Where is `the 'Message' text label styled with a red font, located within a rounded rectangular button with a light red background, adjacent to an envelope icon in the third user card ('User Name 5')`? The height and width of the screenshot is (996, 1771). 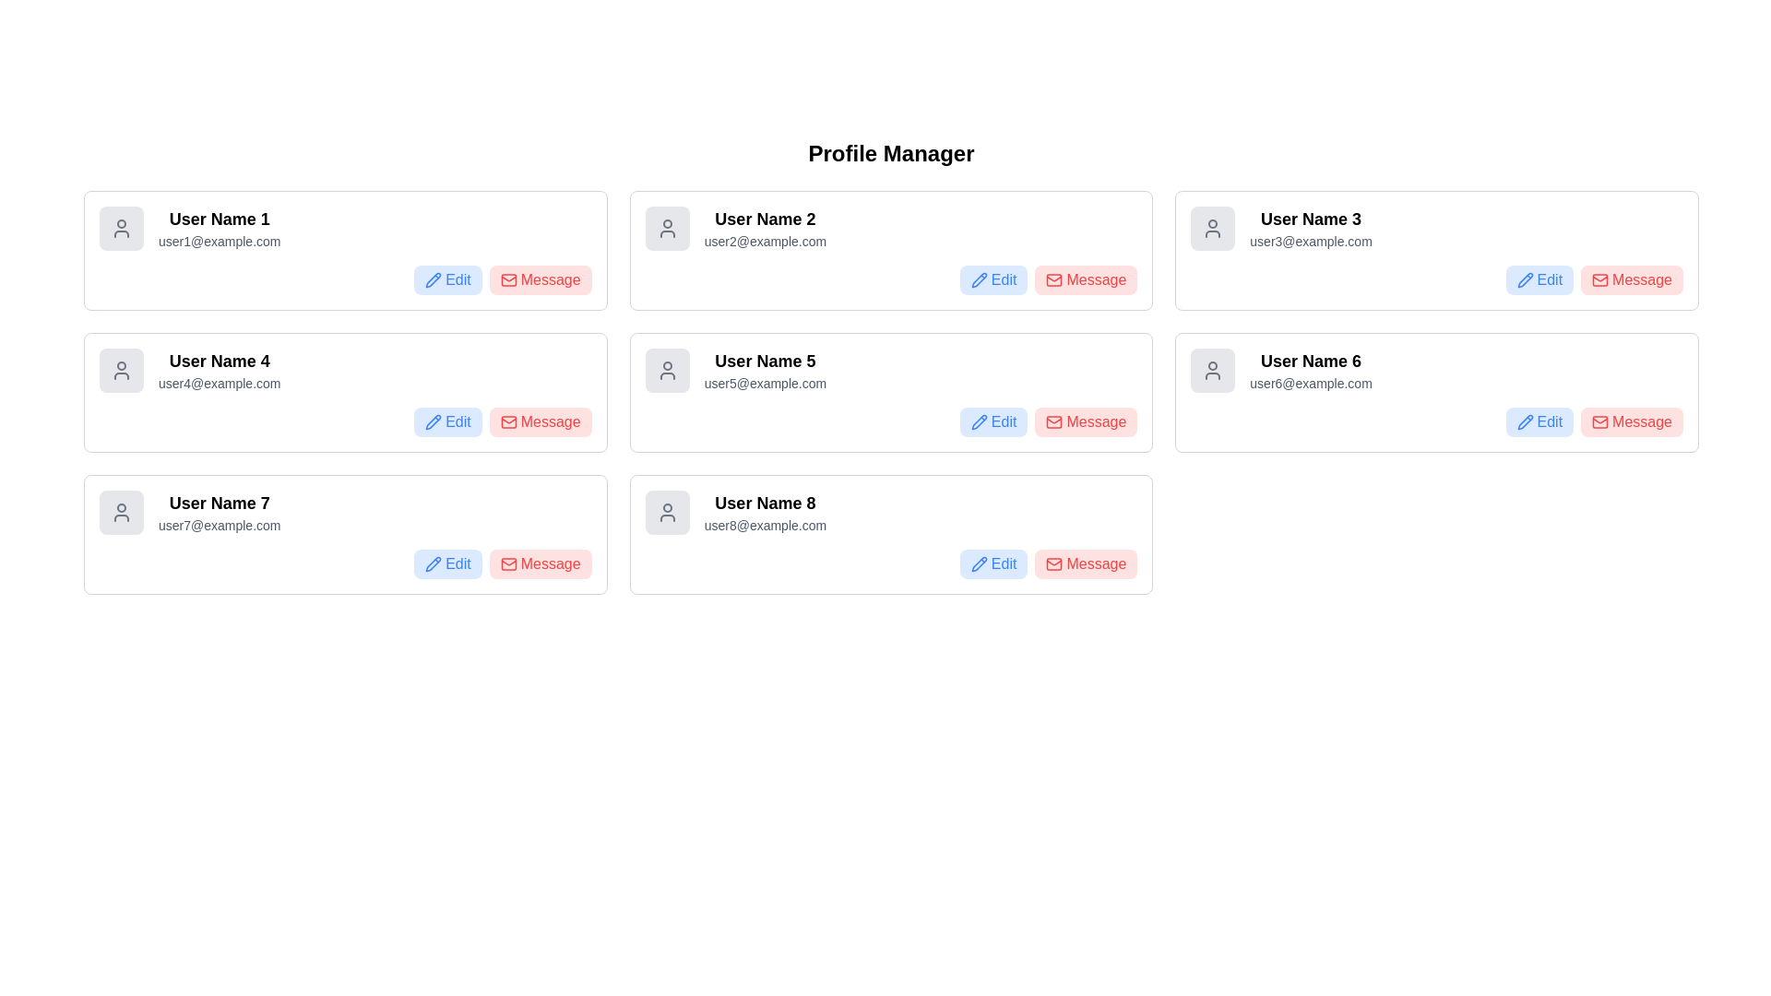
the 'Message' text label styled with a red font, located within a rounded rectangular button with a light red background, adjacent to an envelope icon in the third user card ('User Name 5') is located at coordinates (1096, 422).